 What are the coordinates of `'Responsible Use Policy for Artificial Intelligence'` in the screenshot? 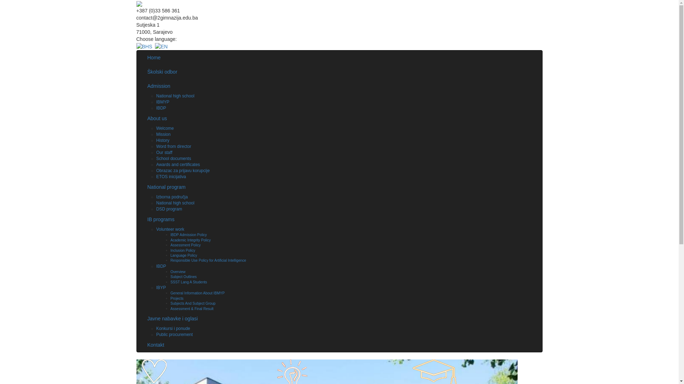 It's located at (208, 260).